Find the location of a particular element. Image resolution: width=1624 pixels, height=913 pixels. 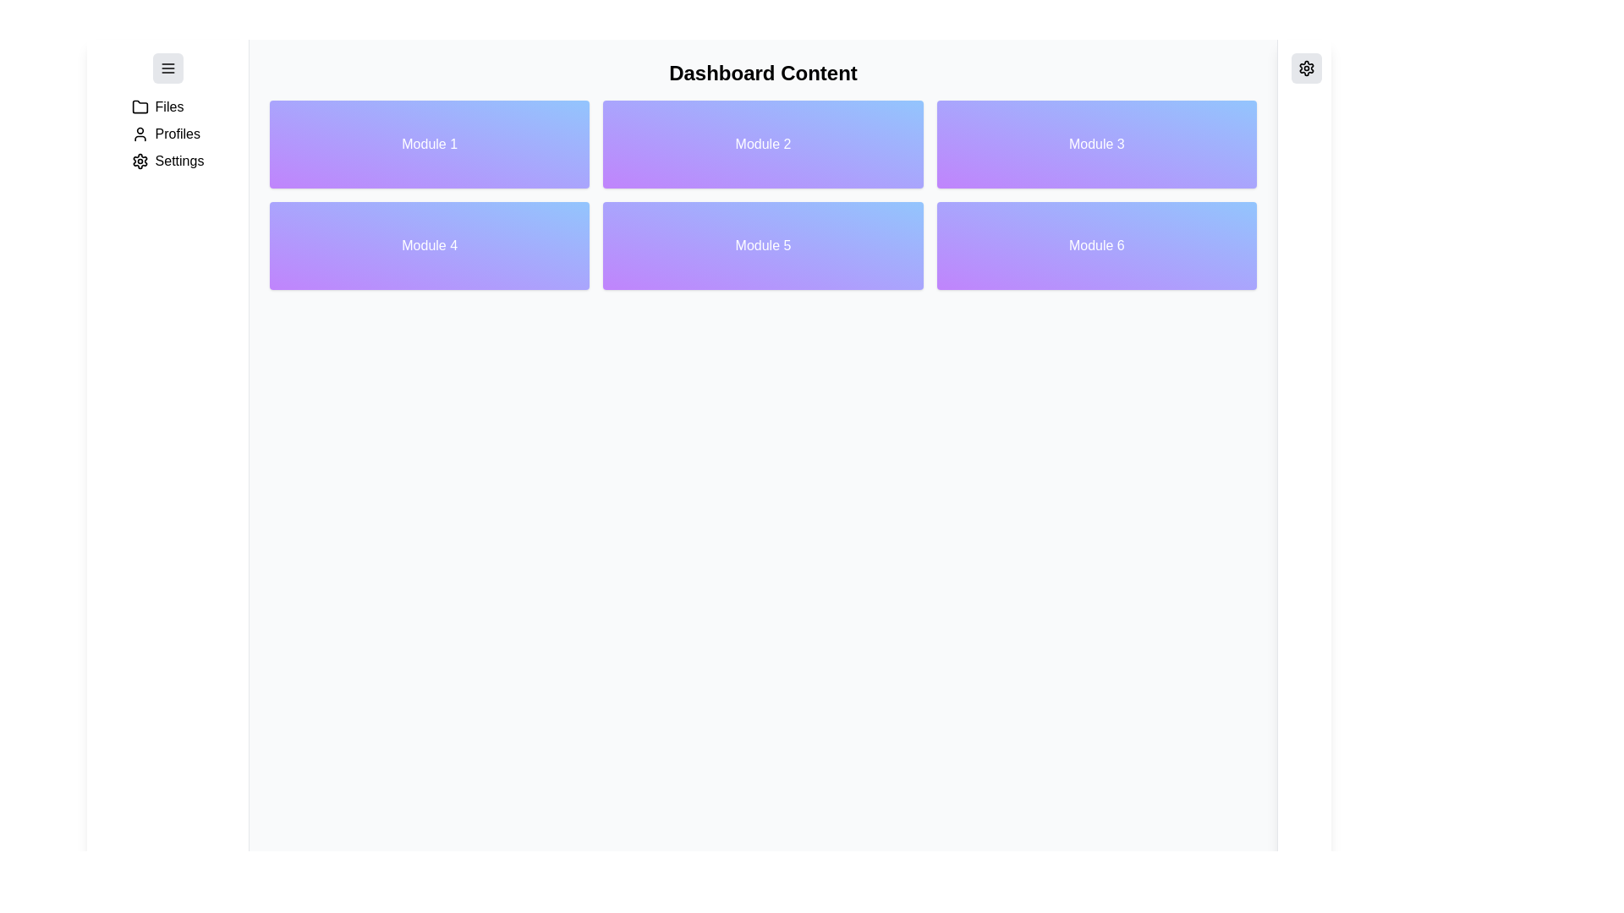

the settings button located at the top-right corner of the vertical sidebar is located at coordinates (1306, 68).